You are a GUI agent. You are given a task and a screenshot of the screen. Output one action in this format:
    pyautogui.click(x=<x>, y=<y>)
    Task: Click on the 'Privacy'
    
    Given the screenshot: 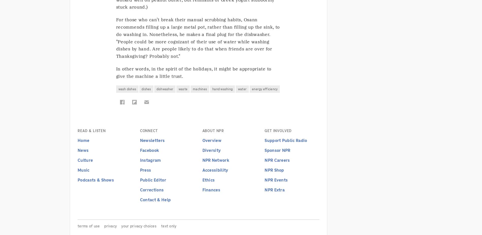 What is the action you would take?
    pyautogui.click(x=110, y=226)
    